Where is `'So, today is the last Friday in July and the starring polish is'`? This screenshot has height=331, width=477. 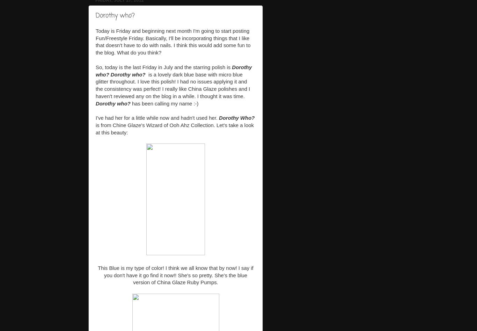 'So, today is the last Friday in July and the starring polish is' is located at coordinates (163, 66).